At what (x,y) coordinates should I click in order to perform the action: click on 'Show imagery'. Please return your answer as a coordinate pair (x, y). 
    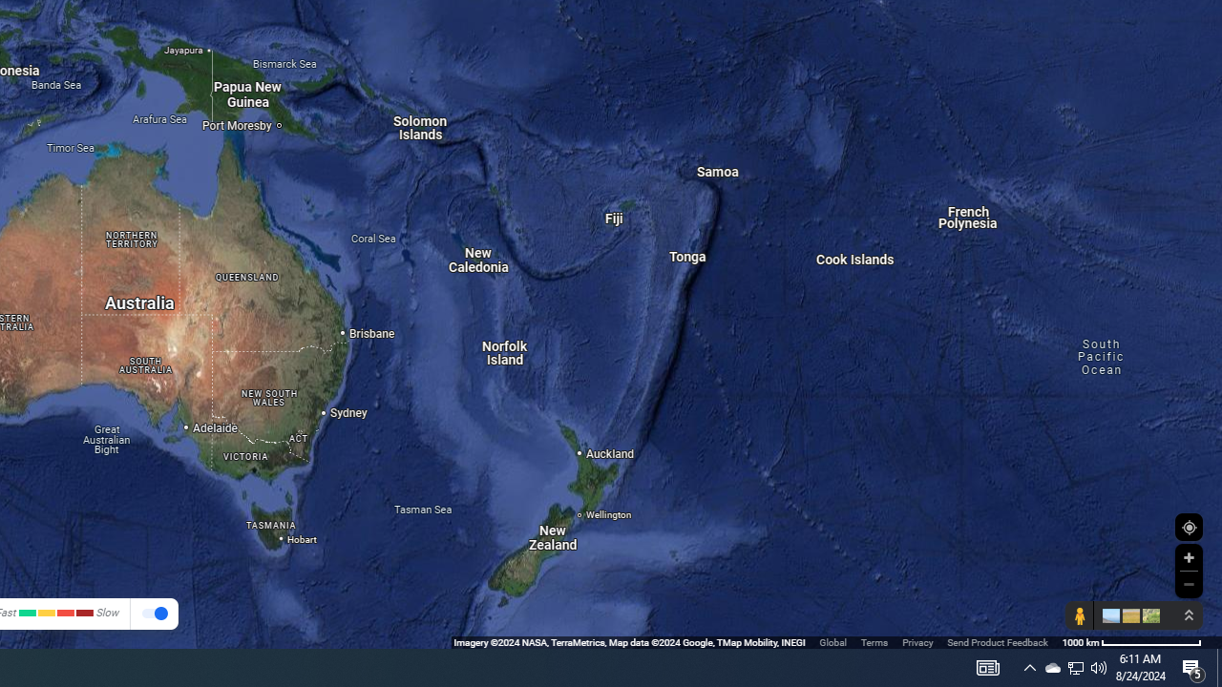
    Looking at the image, I should click on (1148, 615).